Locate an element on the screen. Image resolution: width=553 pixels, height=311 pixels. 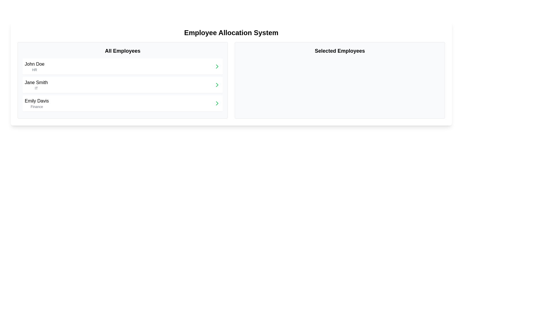
the button or icon located to the far right of 'John Doe HR' in the 'All Employees' section is located at coordinates (217, 66).